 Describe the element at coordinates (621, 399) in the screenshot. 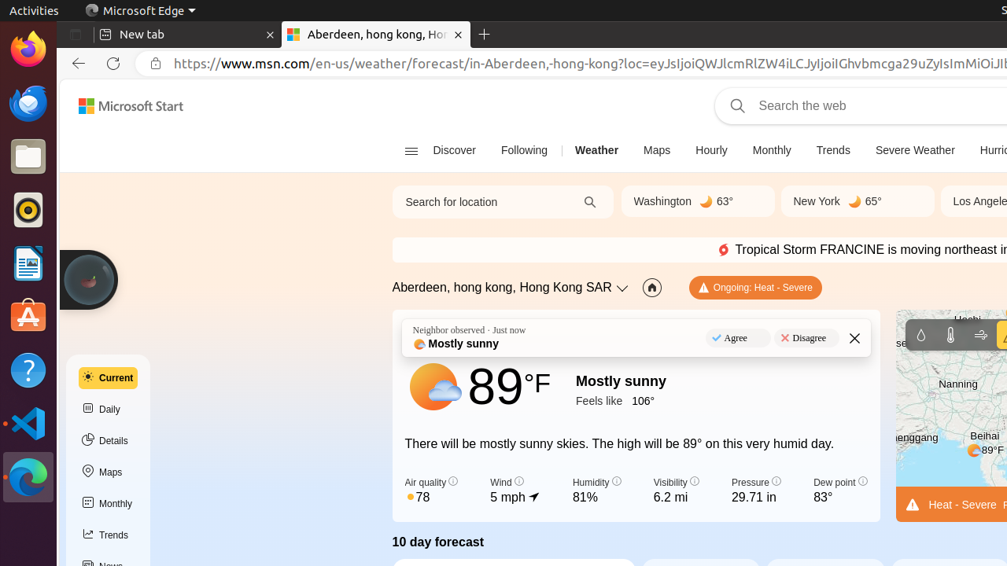

I see `'Feels like ‎106°'` at that location.